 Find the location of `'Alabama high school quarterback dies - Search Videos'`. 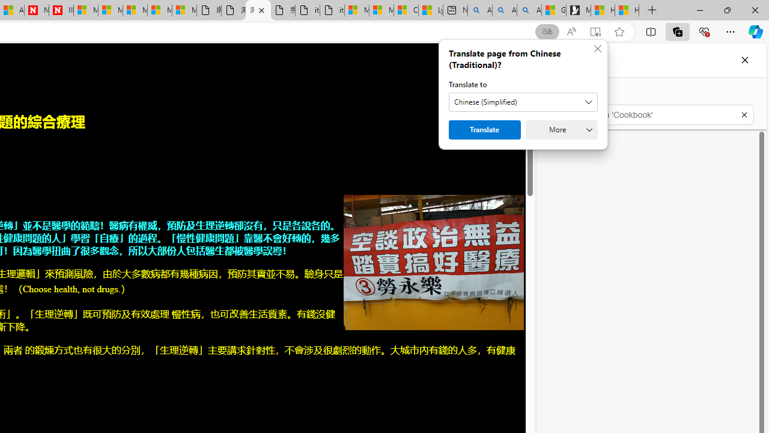

'Alabama high school quarterback dies - Search Videos' is located at coordinates (529, 10).